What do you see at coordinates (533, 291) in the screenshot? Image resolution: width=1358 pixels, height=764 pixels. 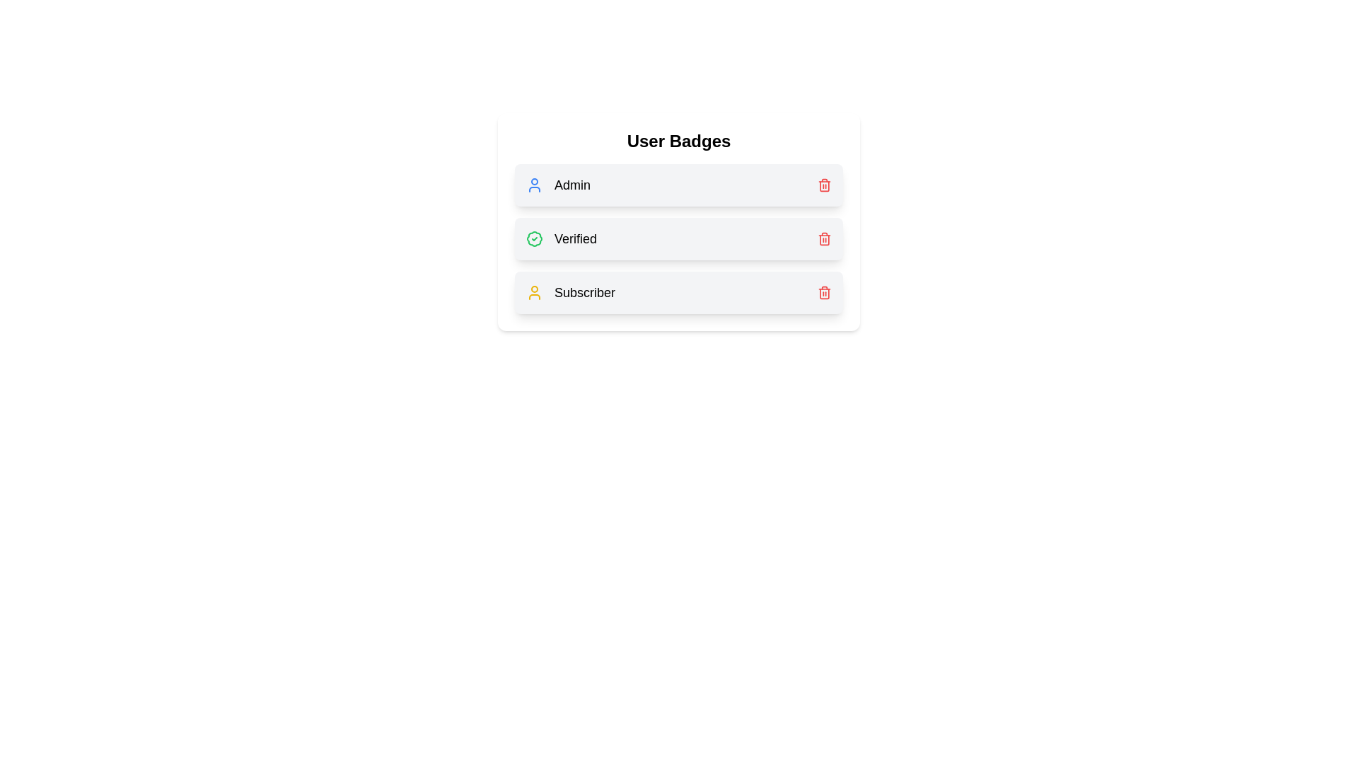 I see `the badge icon for Subscriber` at bounding box center [533, 291].